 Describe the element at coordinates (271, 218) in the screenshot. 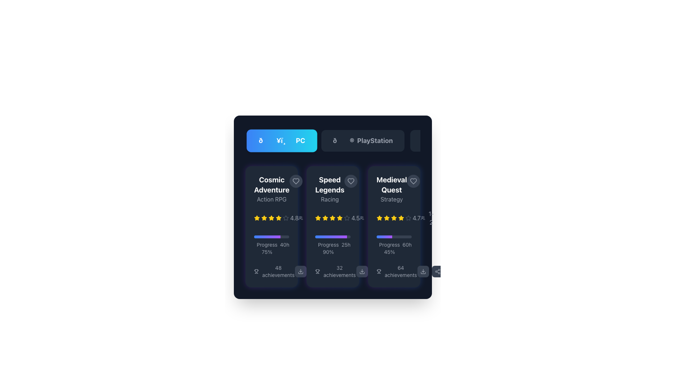

I see `the rating value displayed in the rating indicator for the game 'Cosmic Adventure', which shows an overall rating of 4.8 stars` at that location.